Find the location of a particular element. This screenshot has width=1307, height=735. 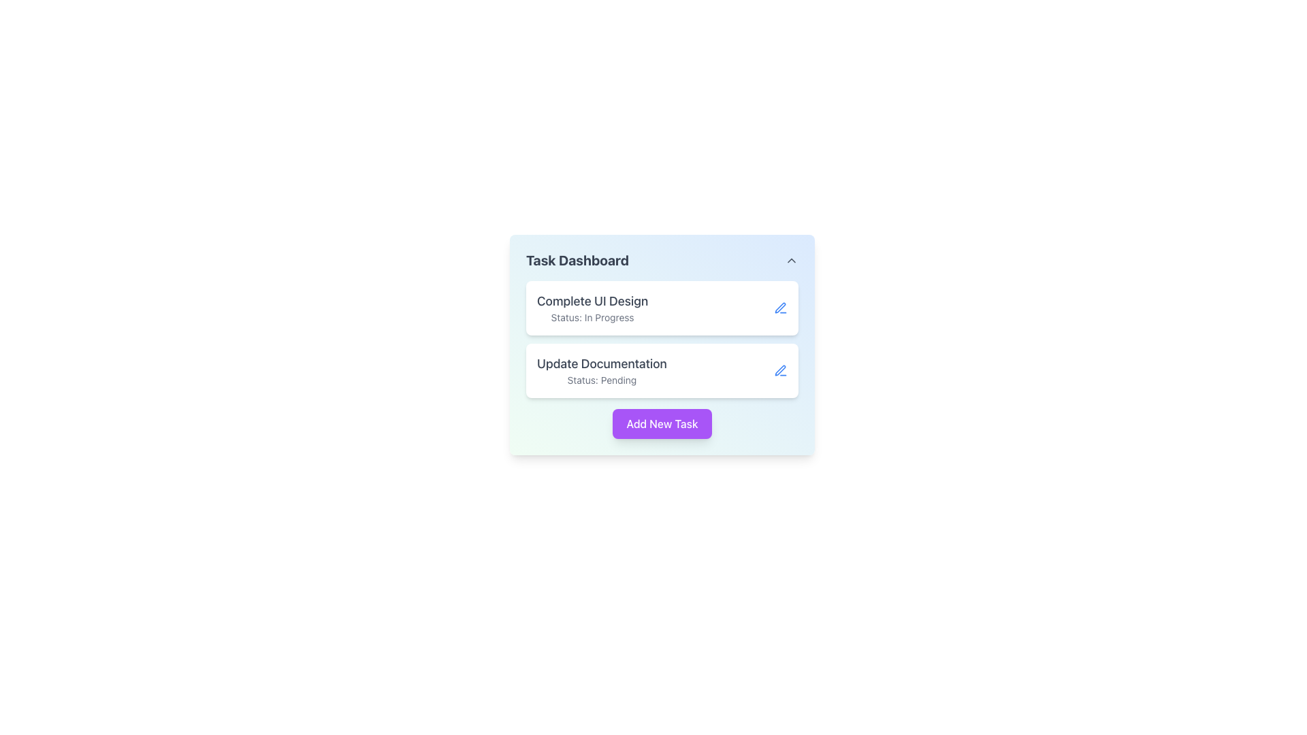

the upward-oriented chevron icon located in the upper-right corner of the 'Task Dashboard' header to observe styling changes is located at coordinates (791, 260).